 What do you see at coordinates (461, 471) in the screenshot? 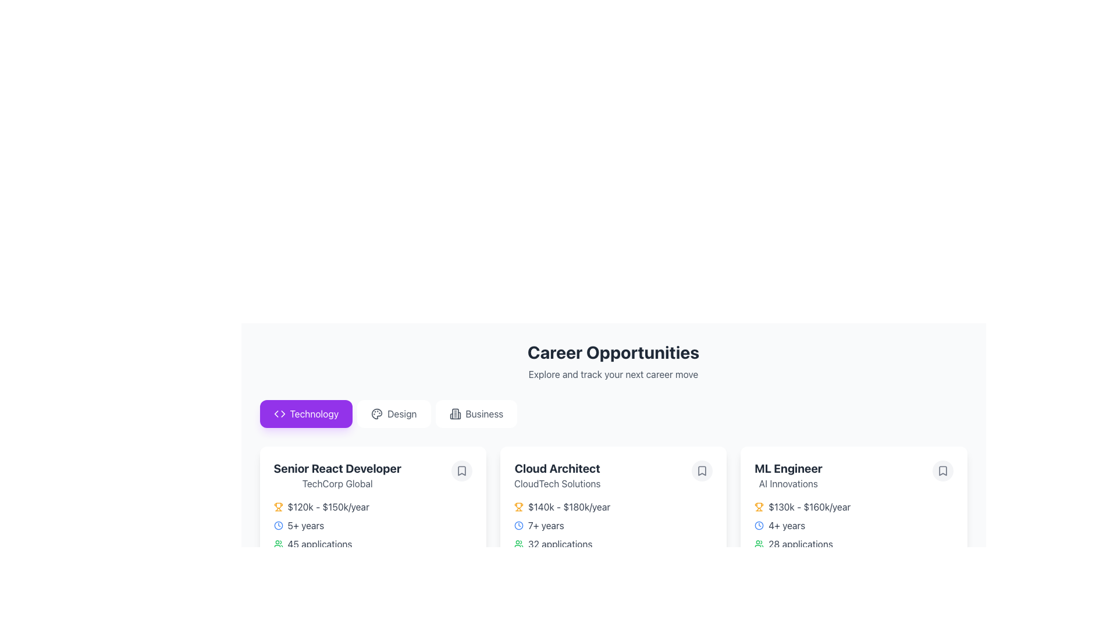
I see `the circular bookmark icon button with a white background and gray border located in the top-right corner of the 'Senior React Developer' job listing at TechCorp Global to bookmark the job` at bounding box center [461, 471].